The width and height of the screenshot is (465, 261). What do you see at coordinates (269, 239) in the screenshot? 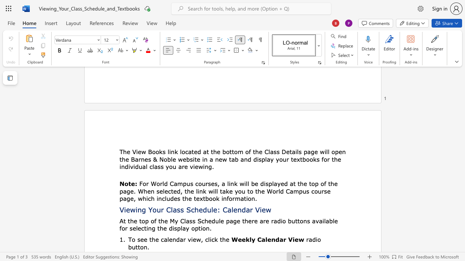
I see `the 3th character "e" in the text` at bounding box center [269, 239].